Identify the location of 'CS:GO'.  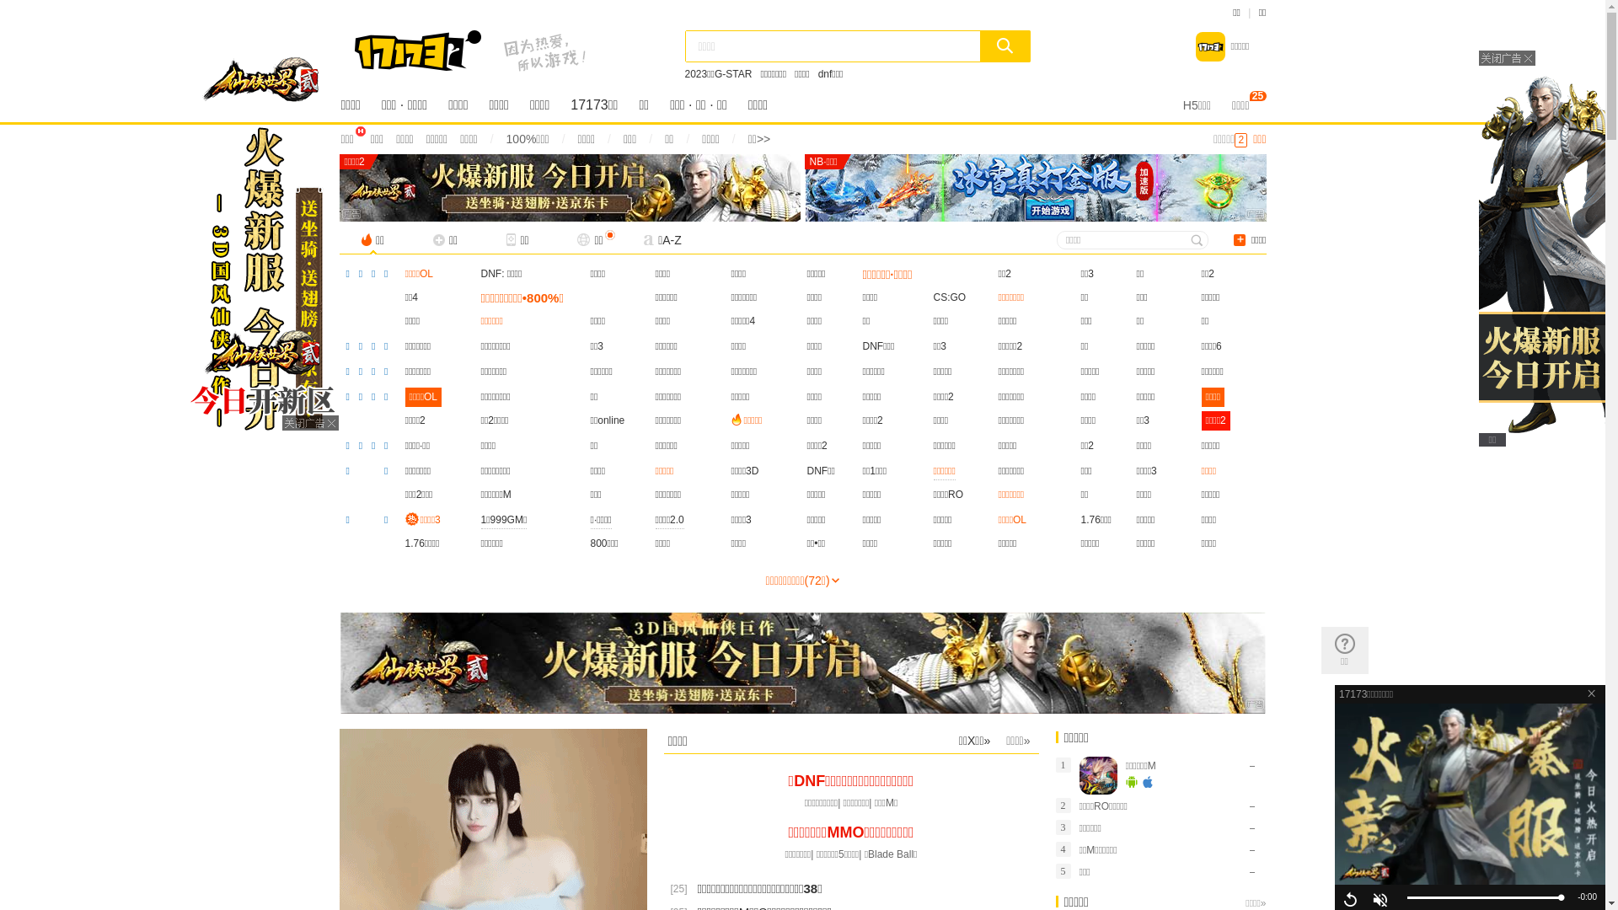
(950, 297).